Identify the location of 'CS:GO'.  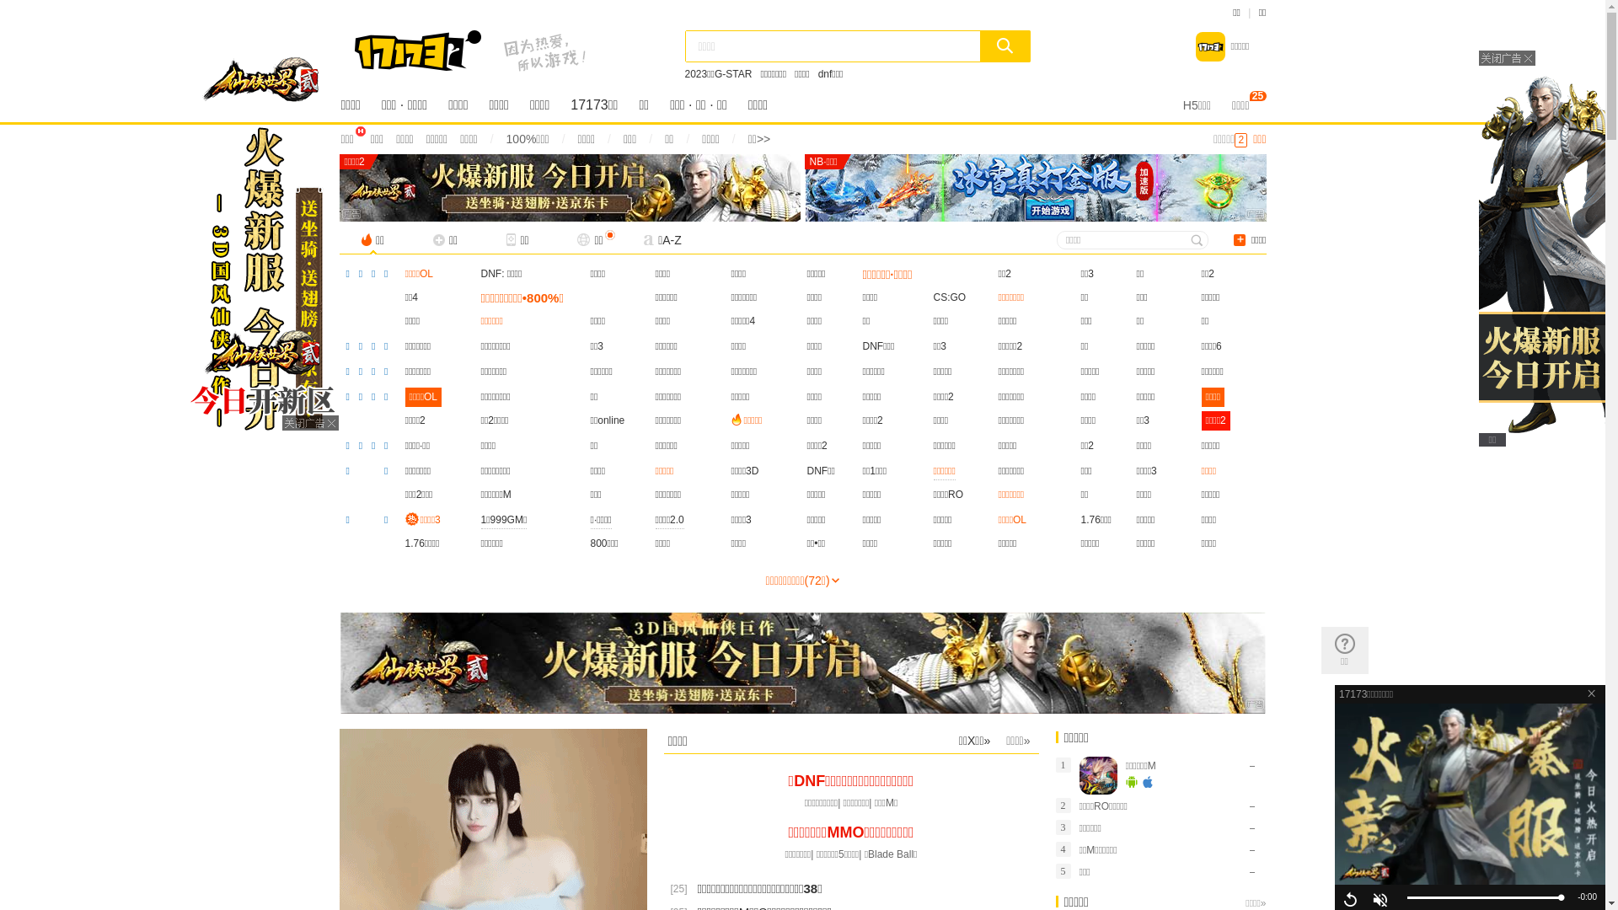
(950, 297).